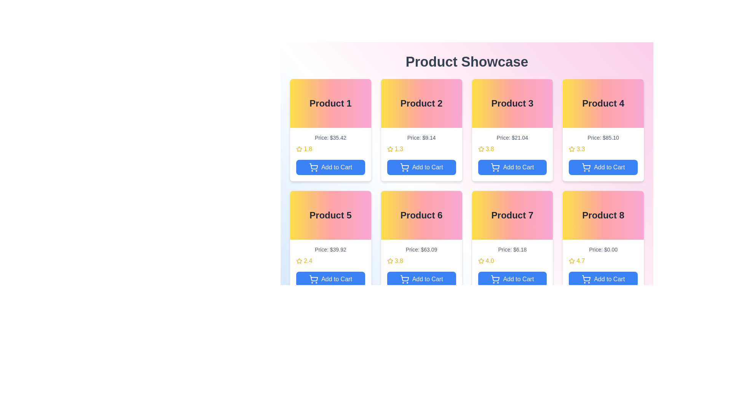 This screenshot has width=731, height=411. Describe the element at coordinates (480, 260) in the screenshot. I see `the decorative star-rating icon located in the seventh product card, which is positioned near the numeric rating value at the bottom-left of the card` at that location.